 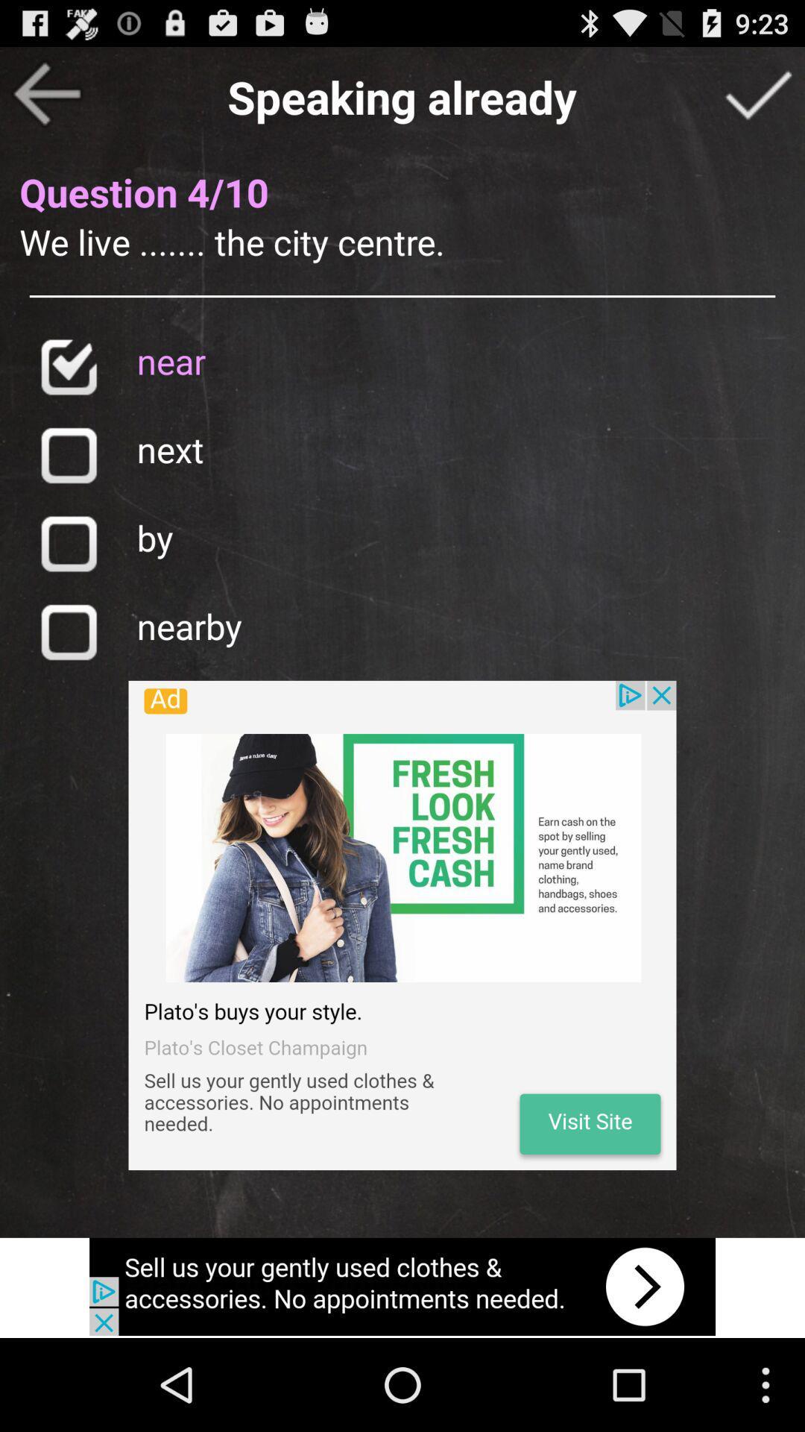 What do you see at coordinates (758, 92) in the screenshot?
I see `option` at bounding box center [758, 92].